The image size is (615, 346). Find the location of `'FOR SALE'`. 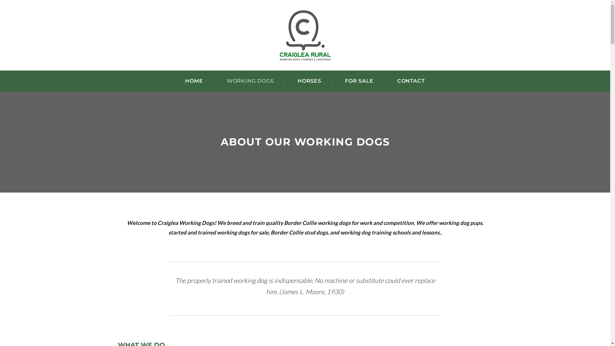

'FOR SALE' is located at coordinates (359, 81).